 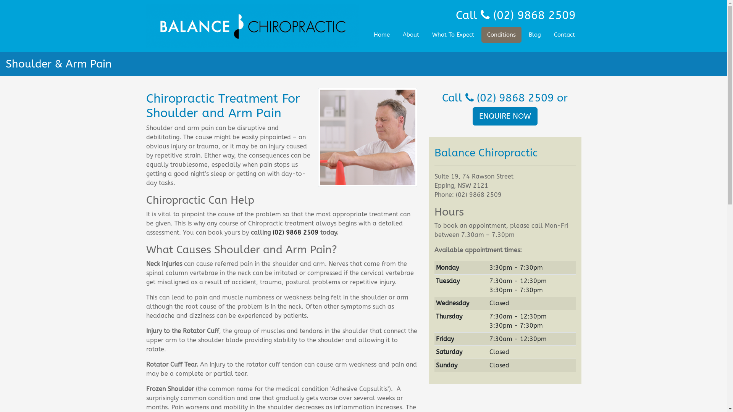 I want to click on 'Contact', so click(x=564, y=35).